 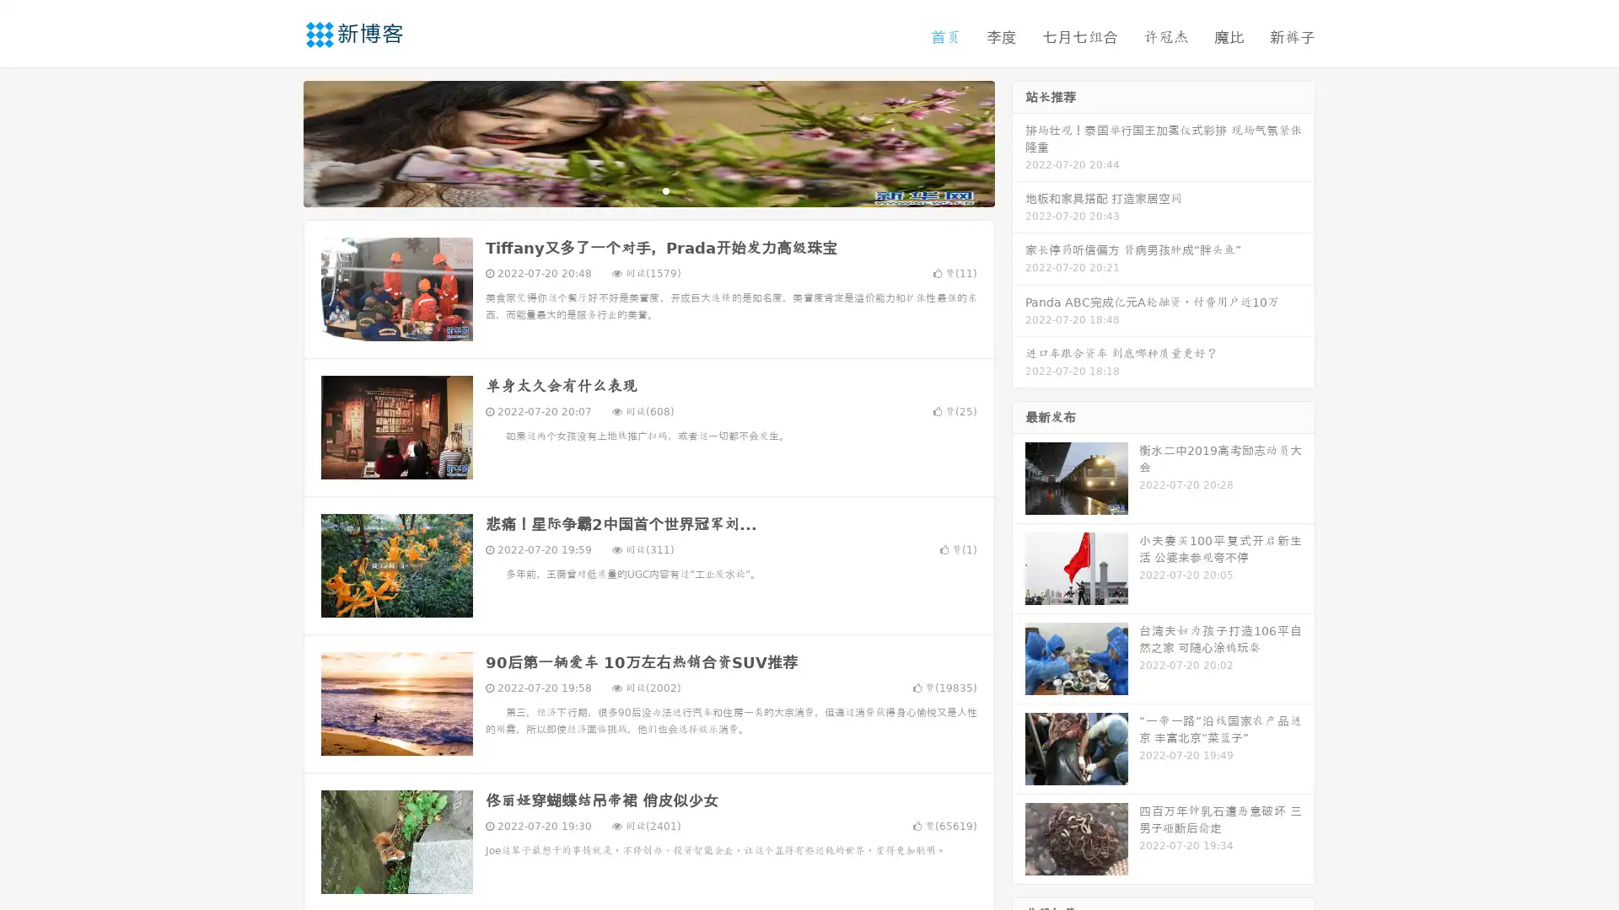 I want to click on Previous slide, so click(x=278, y=142).